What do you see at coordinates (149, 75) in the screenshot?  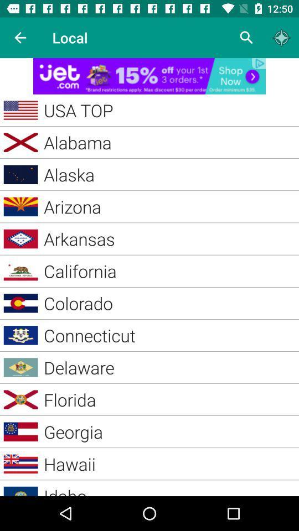 I see `for advertisement` at bounding box center [149, 75].